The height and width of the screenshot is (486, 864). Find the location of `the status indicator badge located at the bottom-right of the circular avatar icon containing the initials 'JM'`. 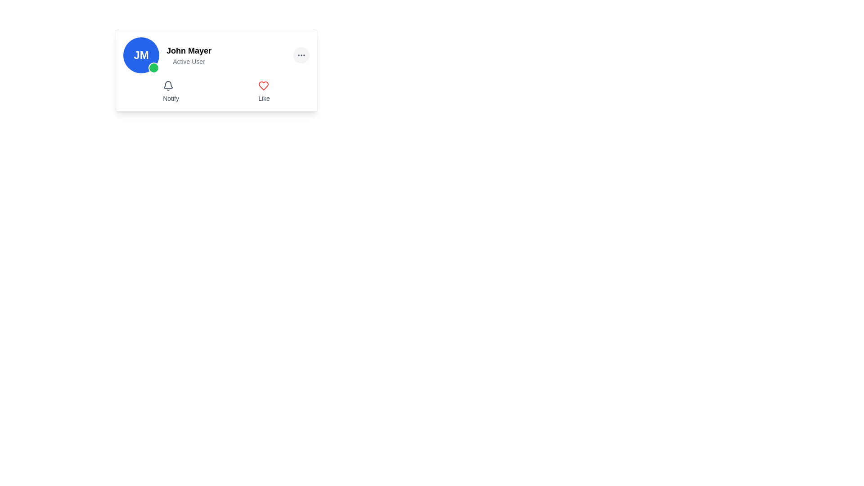

the status indicator badge located at the bottom-right of the circular avatar icon containing the initials 'JM' is located at coordinates (153, 67).